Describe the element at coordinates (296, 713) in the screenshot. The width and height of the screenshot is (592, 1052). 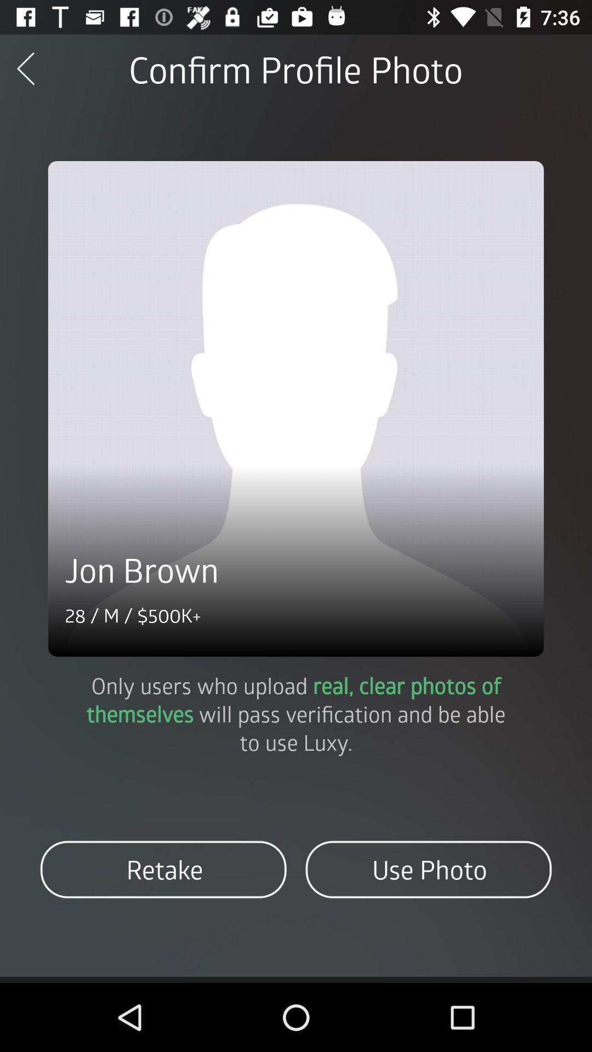
I see `the only users who` at that location.